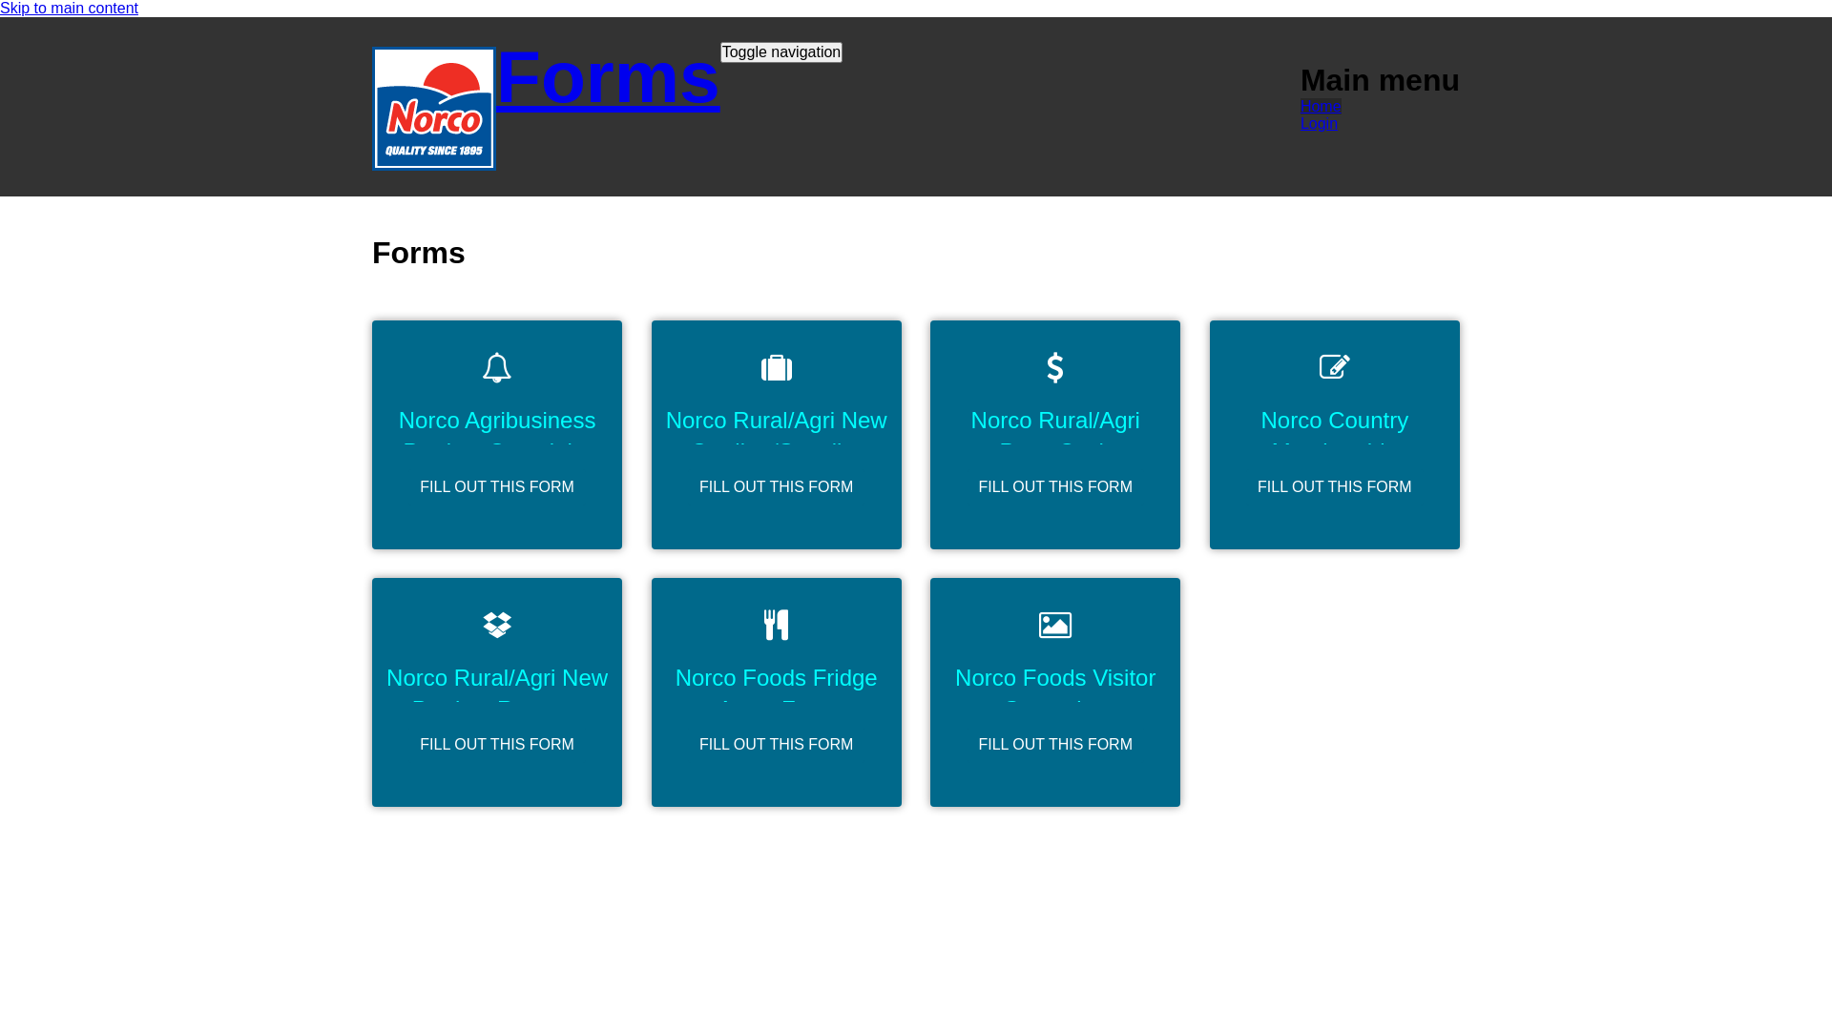  What do you see at coordinates (1333, 485) in the screenshot?
I see `'FILL OUT THIS FORM'` at bounding box center [1333, 485].